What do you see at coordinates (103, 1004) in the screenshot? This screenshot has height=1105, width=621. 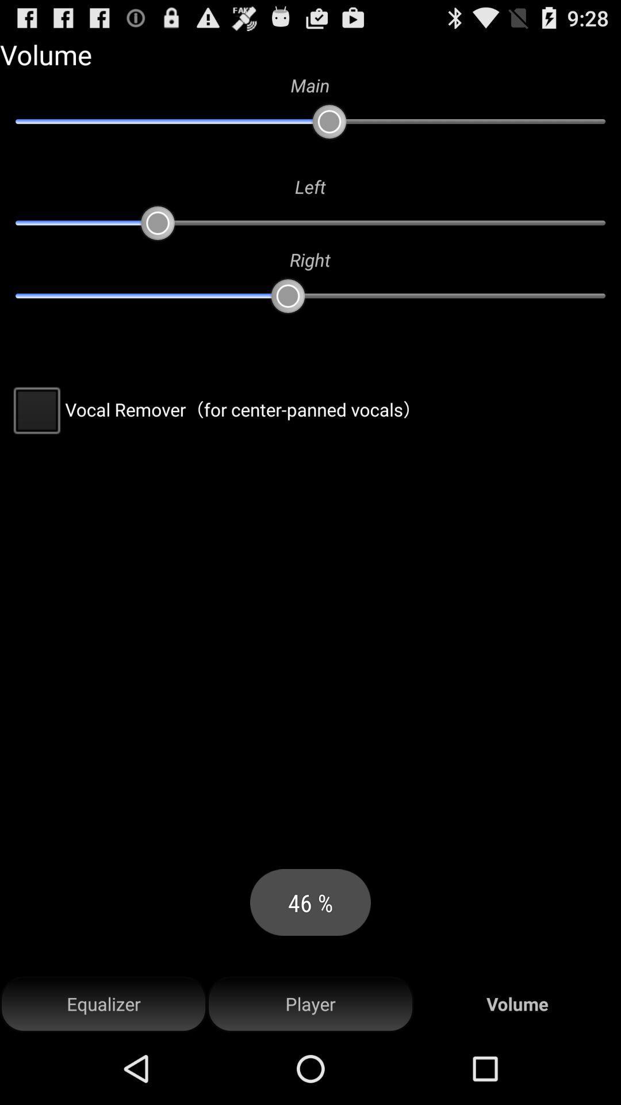 I see `the equalizer at the bottom left corner` at bounding box center [103, 1004].